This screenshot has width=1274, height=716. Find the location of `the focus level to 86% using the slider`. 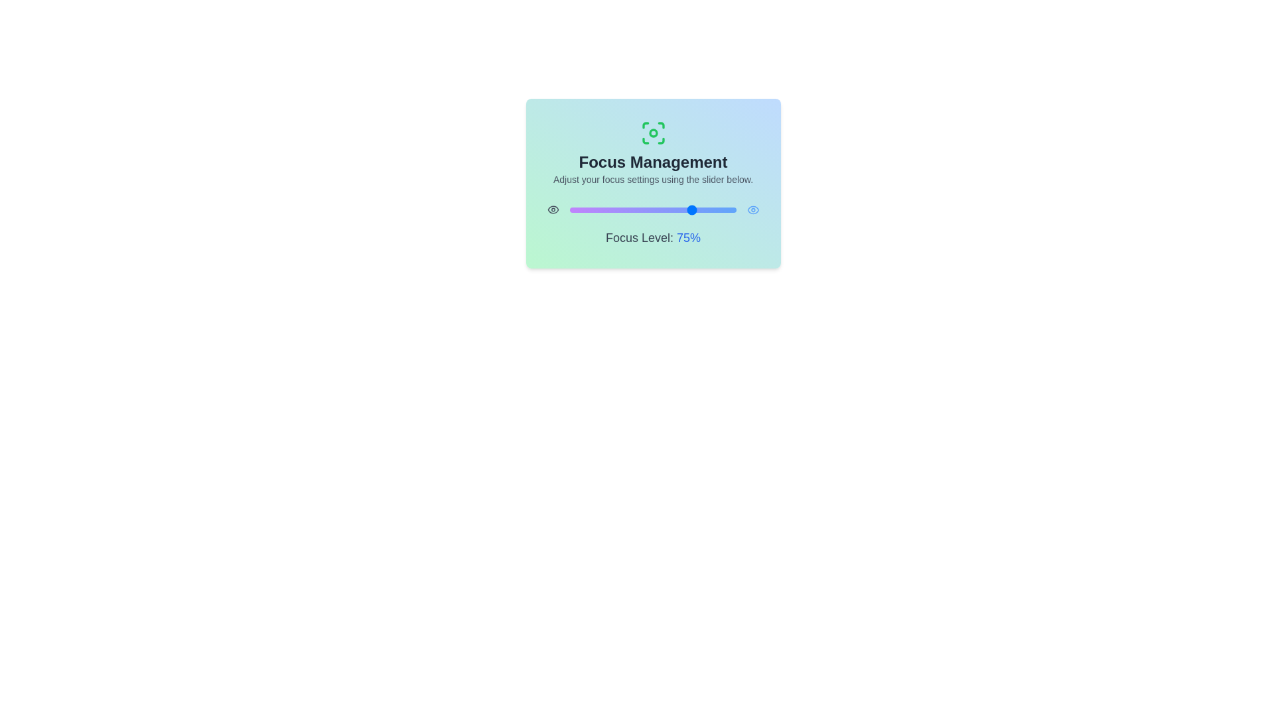

the focus level to 86% using the slider is located at coordinates (712, 209).